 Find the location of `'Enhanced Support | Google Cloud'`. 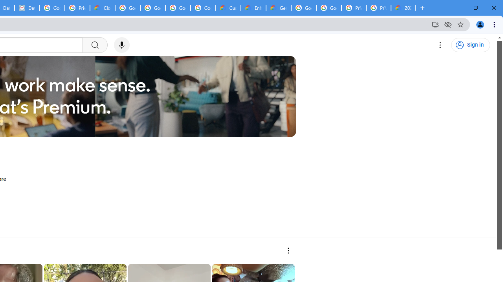

'Enhanced Support | Google Cloud' is located at coordinates (253, 8).